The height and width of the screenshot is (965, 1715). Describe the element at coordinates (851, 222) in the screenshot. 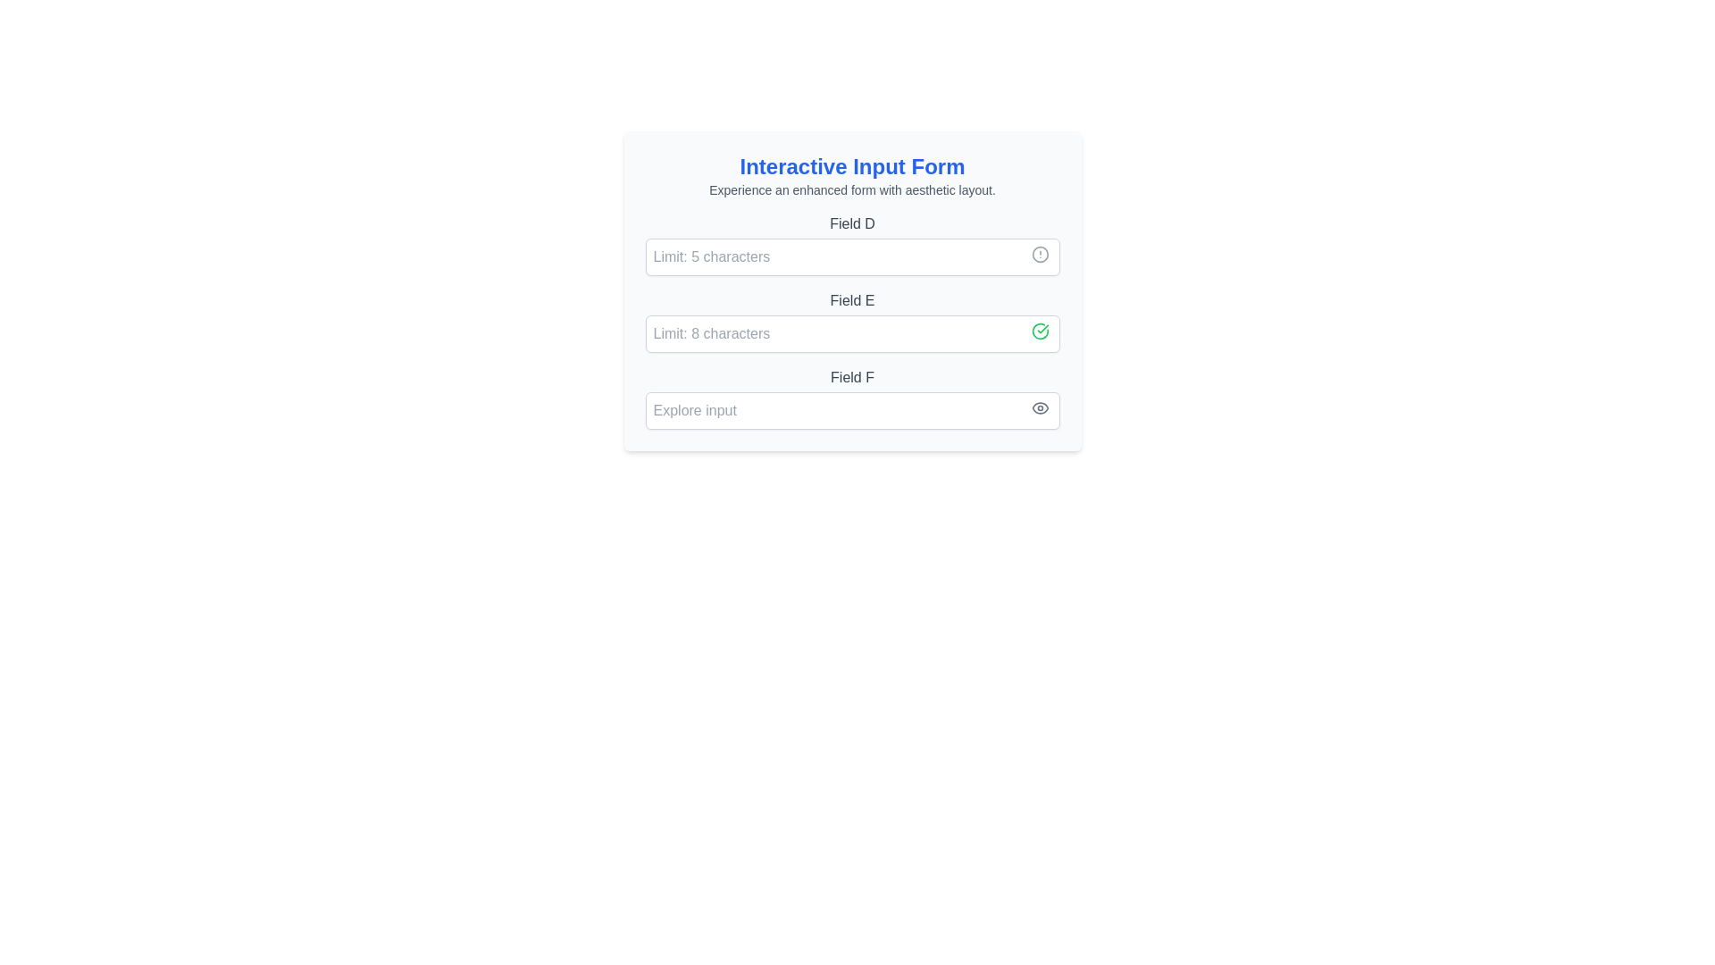

I see `the label 'Field D', which provides context for the input field below it in the form` at that location.